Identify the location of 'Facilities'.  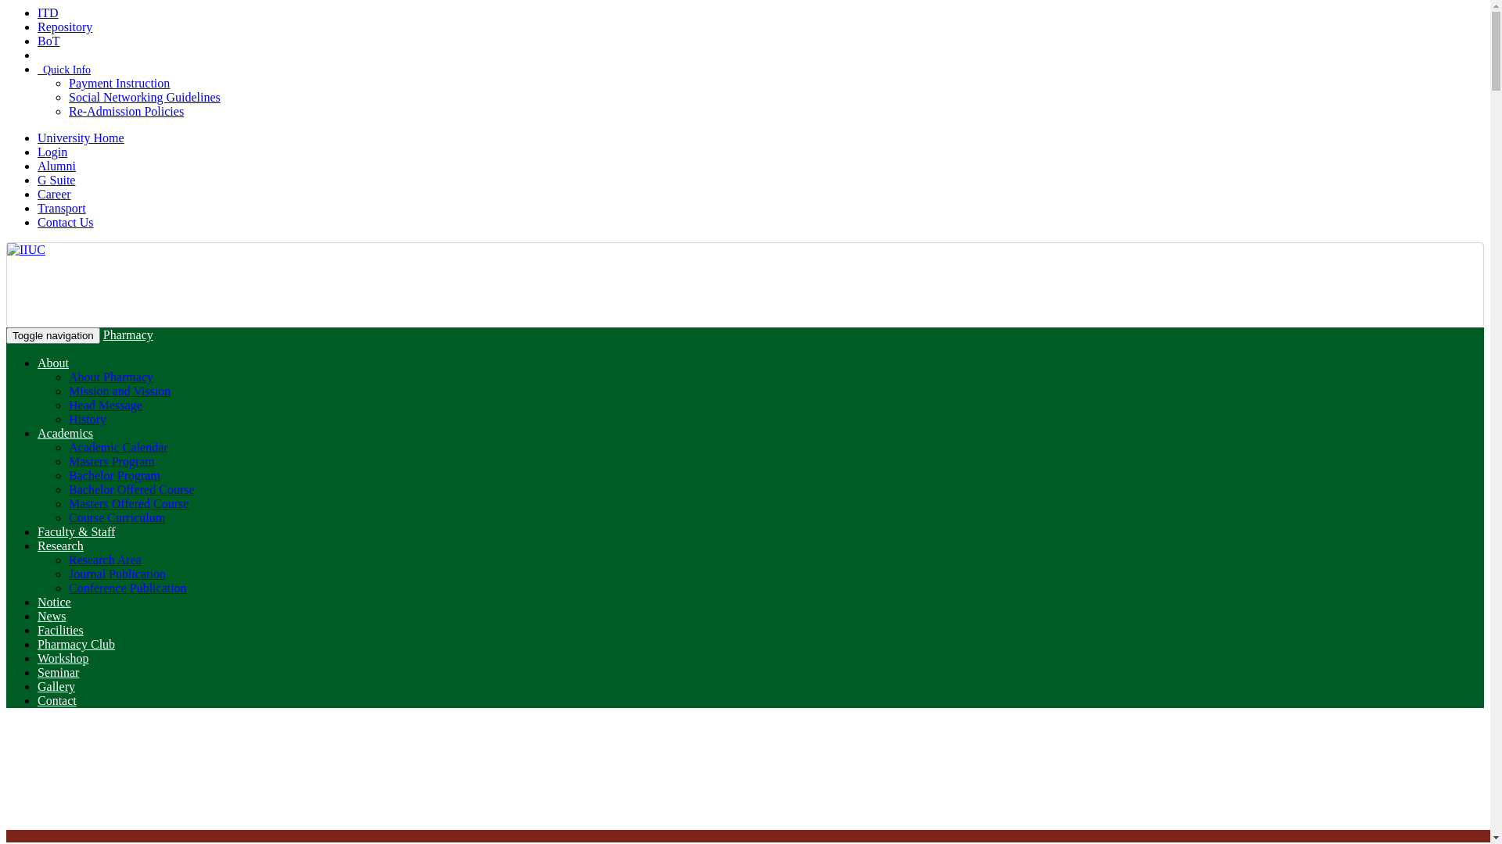
(60, 629).